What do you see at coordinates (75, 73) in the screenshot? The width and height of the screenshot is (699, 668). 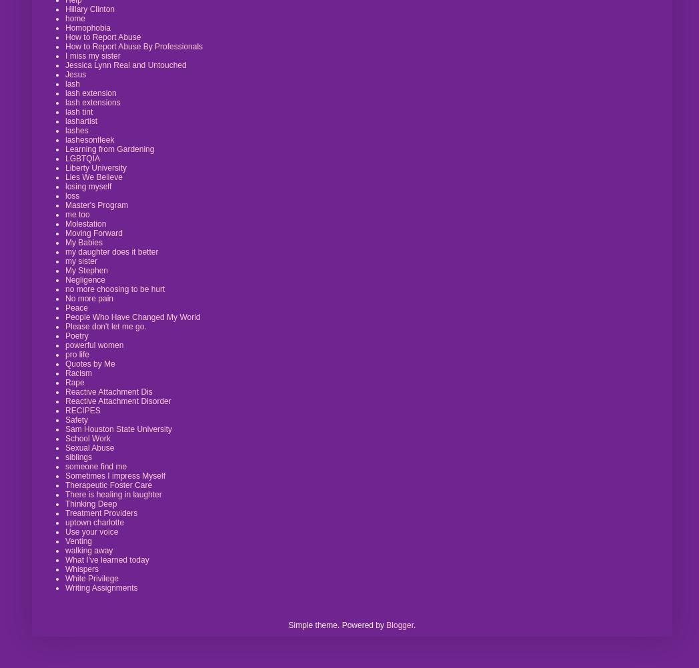 I see `'Jesus'` at bounding box center [75, 73].